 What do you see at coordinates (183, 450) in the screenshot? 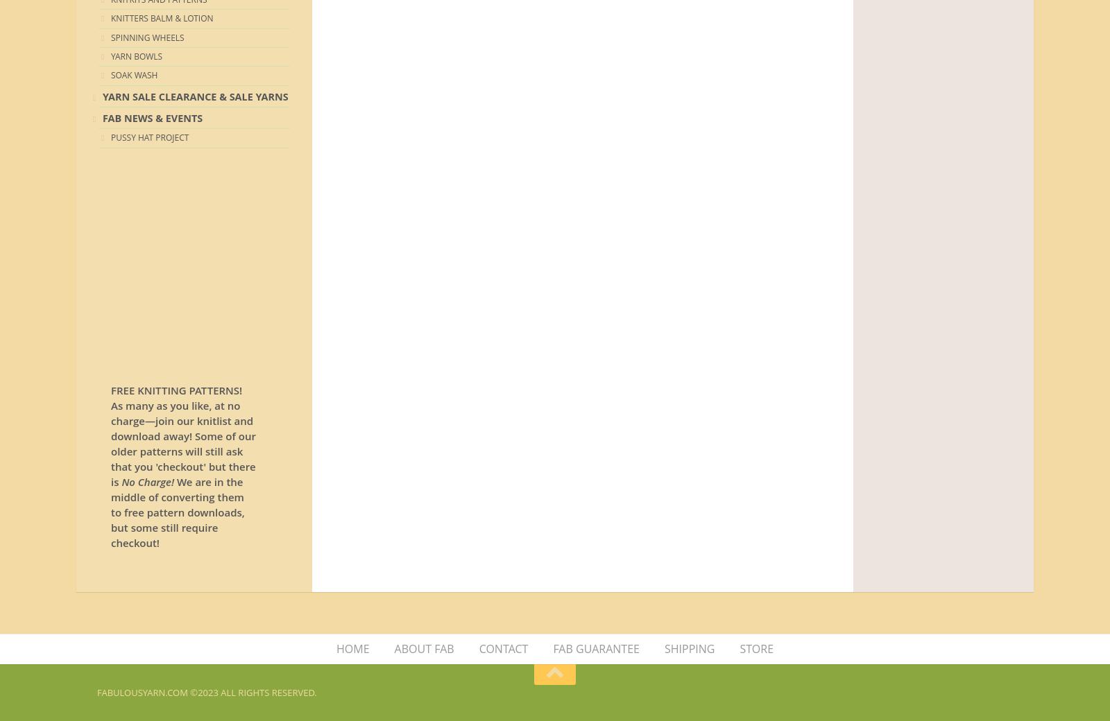
I see `'and download away! Some of our older patterns will still ask that you 'checkout' but there is'` at bounding box center [183, 450].